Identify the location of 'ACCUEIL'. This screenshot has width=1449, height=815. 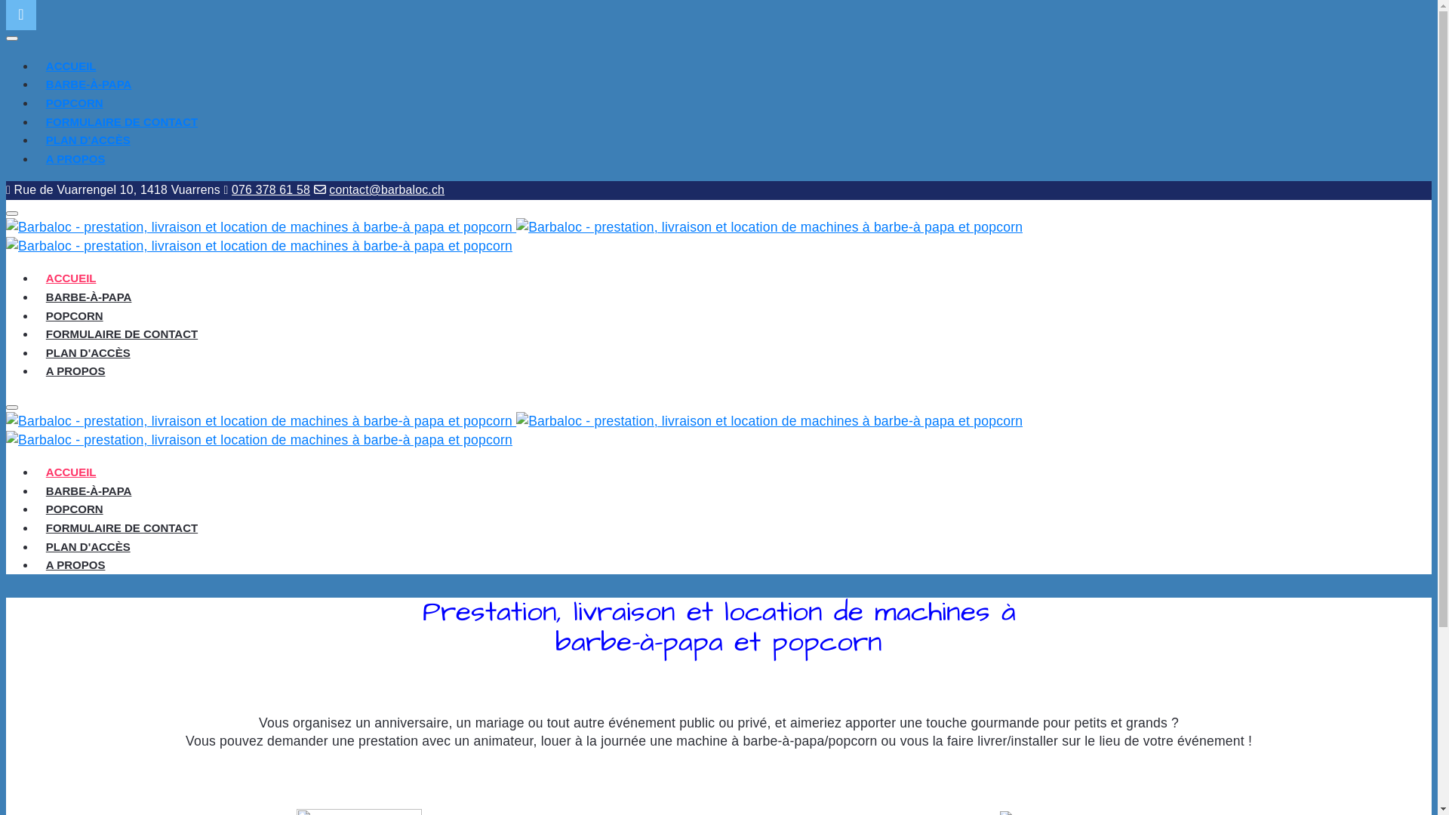
(70, 65).